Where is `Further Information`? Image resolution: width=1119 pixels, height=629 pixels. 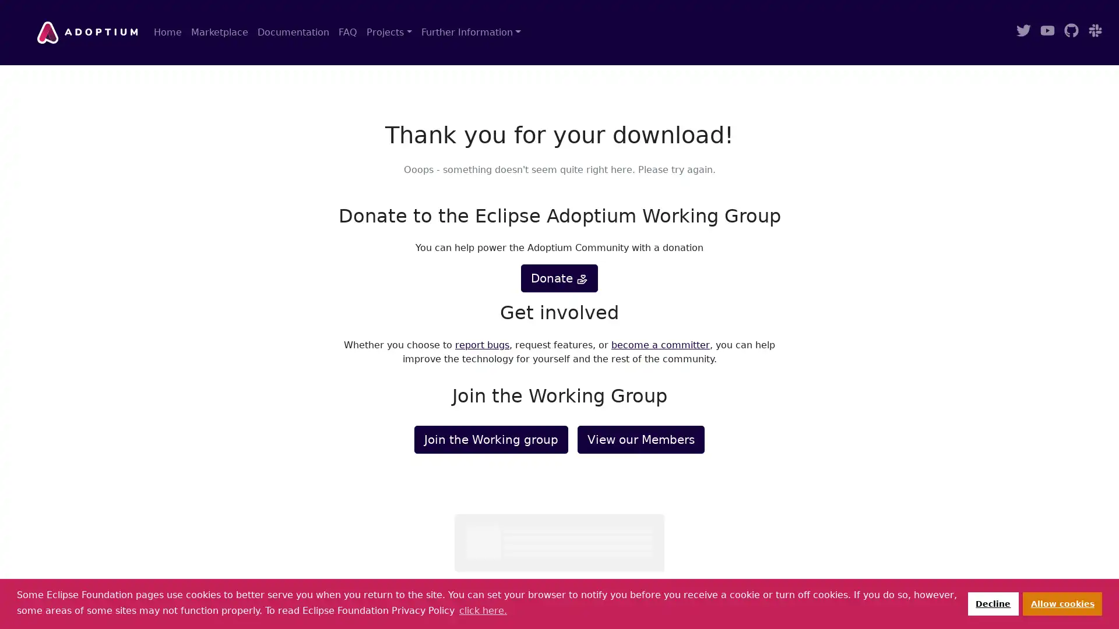 Further Information is located at coordinates (470, 32).